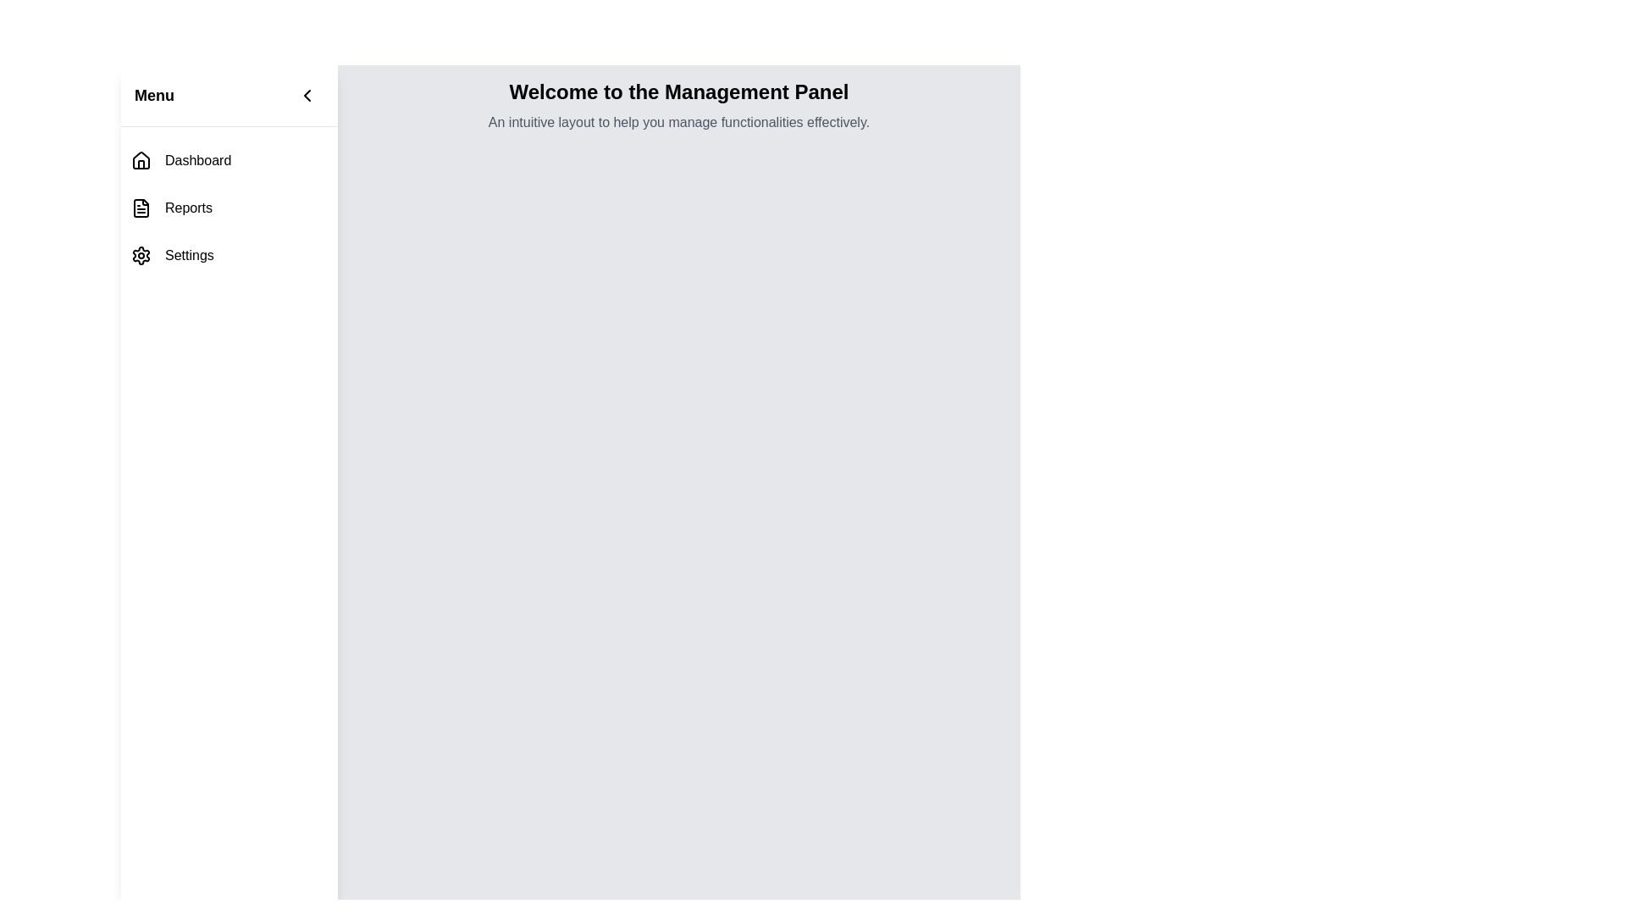 The width and height of the screenshot is (1626, 915). I want to click on the document icon represented by a rectangle with a folded corner, which is the second icon in a vertical list of three icons in the left-side menu panel, adjacent to the 'Reports' label, so click(141, 208).